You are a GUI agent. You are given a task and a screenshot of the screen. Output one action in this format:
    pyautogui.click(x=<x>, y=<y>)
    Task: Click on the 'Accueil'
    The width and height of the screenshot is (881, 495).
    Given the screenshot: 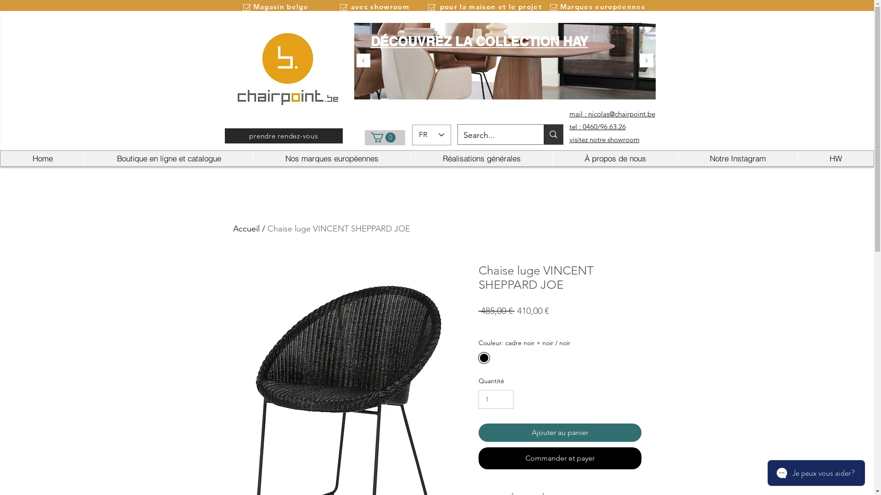 What is the action you would take?
    pyautogui.click(x=246, y=228)
    